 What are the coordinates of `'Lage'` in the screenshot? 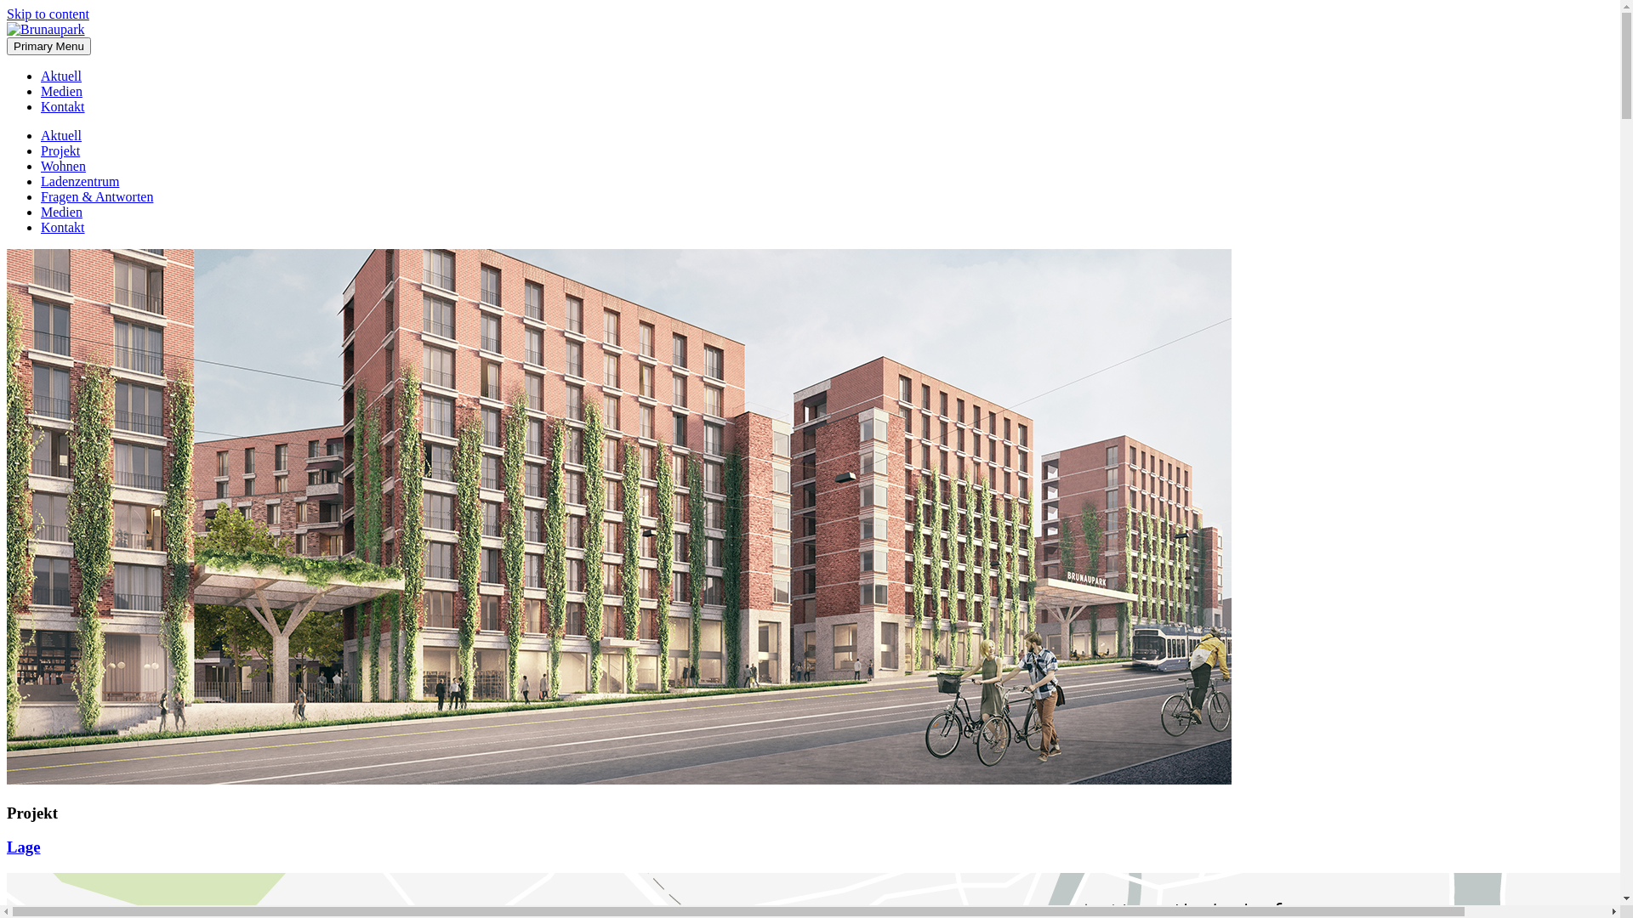 It's located at (23, 847).